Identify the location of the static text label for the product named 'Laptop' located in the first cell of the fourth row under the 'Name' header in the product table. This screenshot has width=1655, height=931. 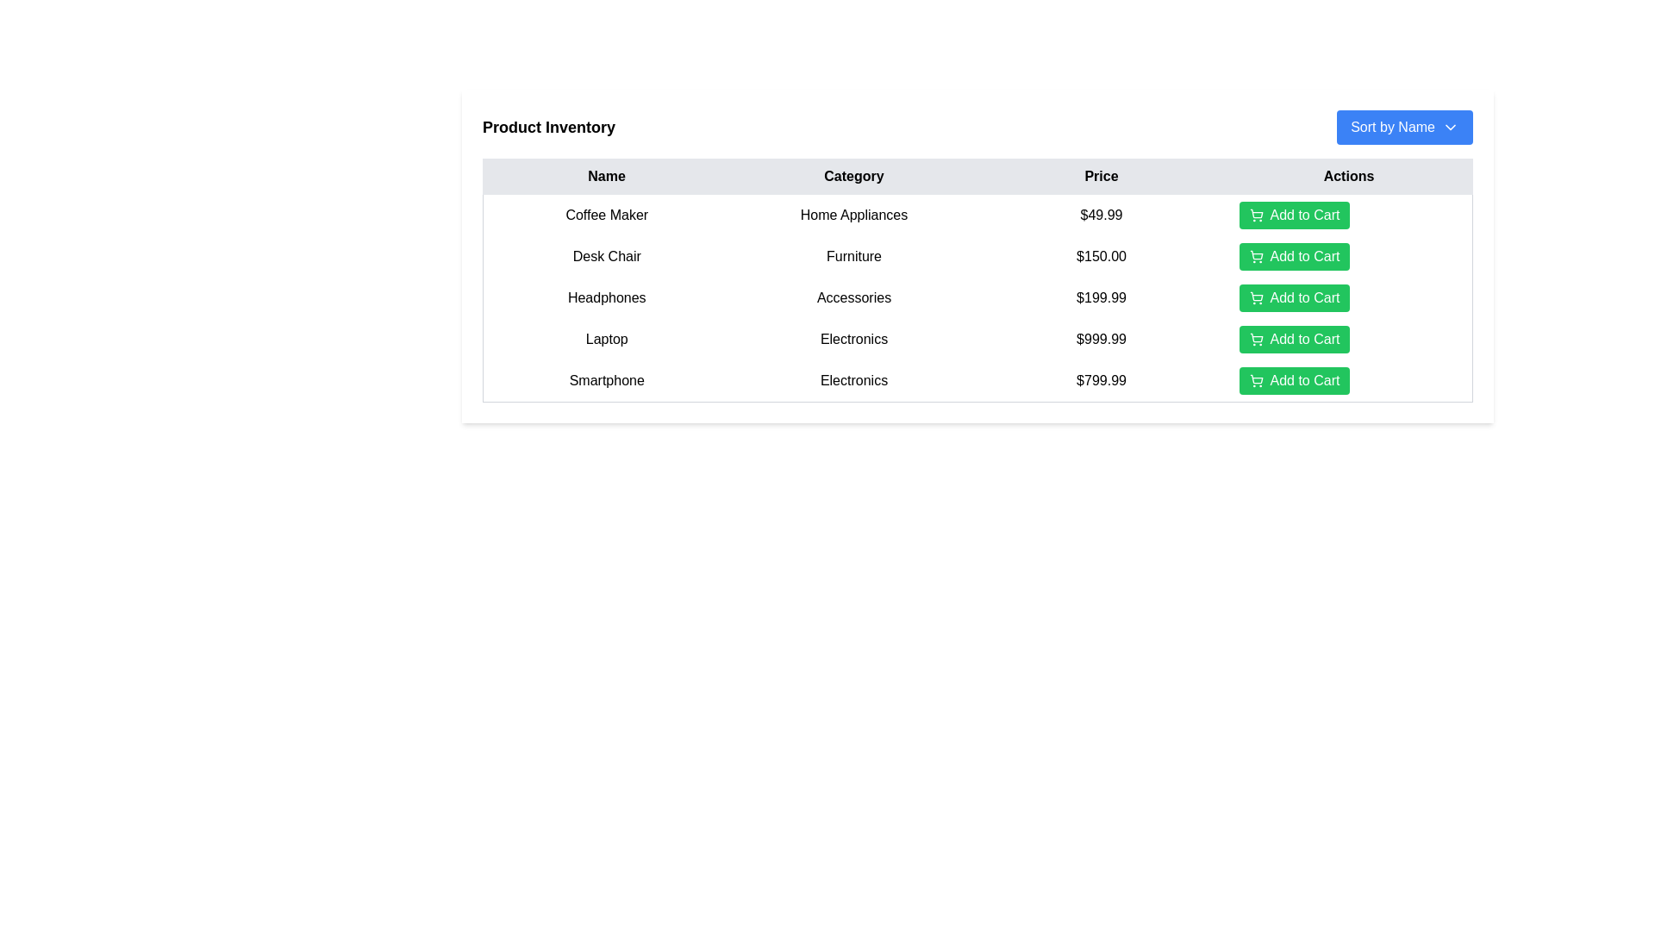
(607, 339).